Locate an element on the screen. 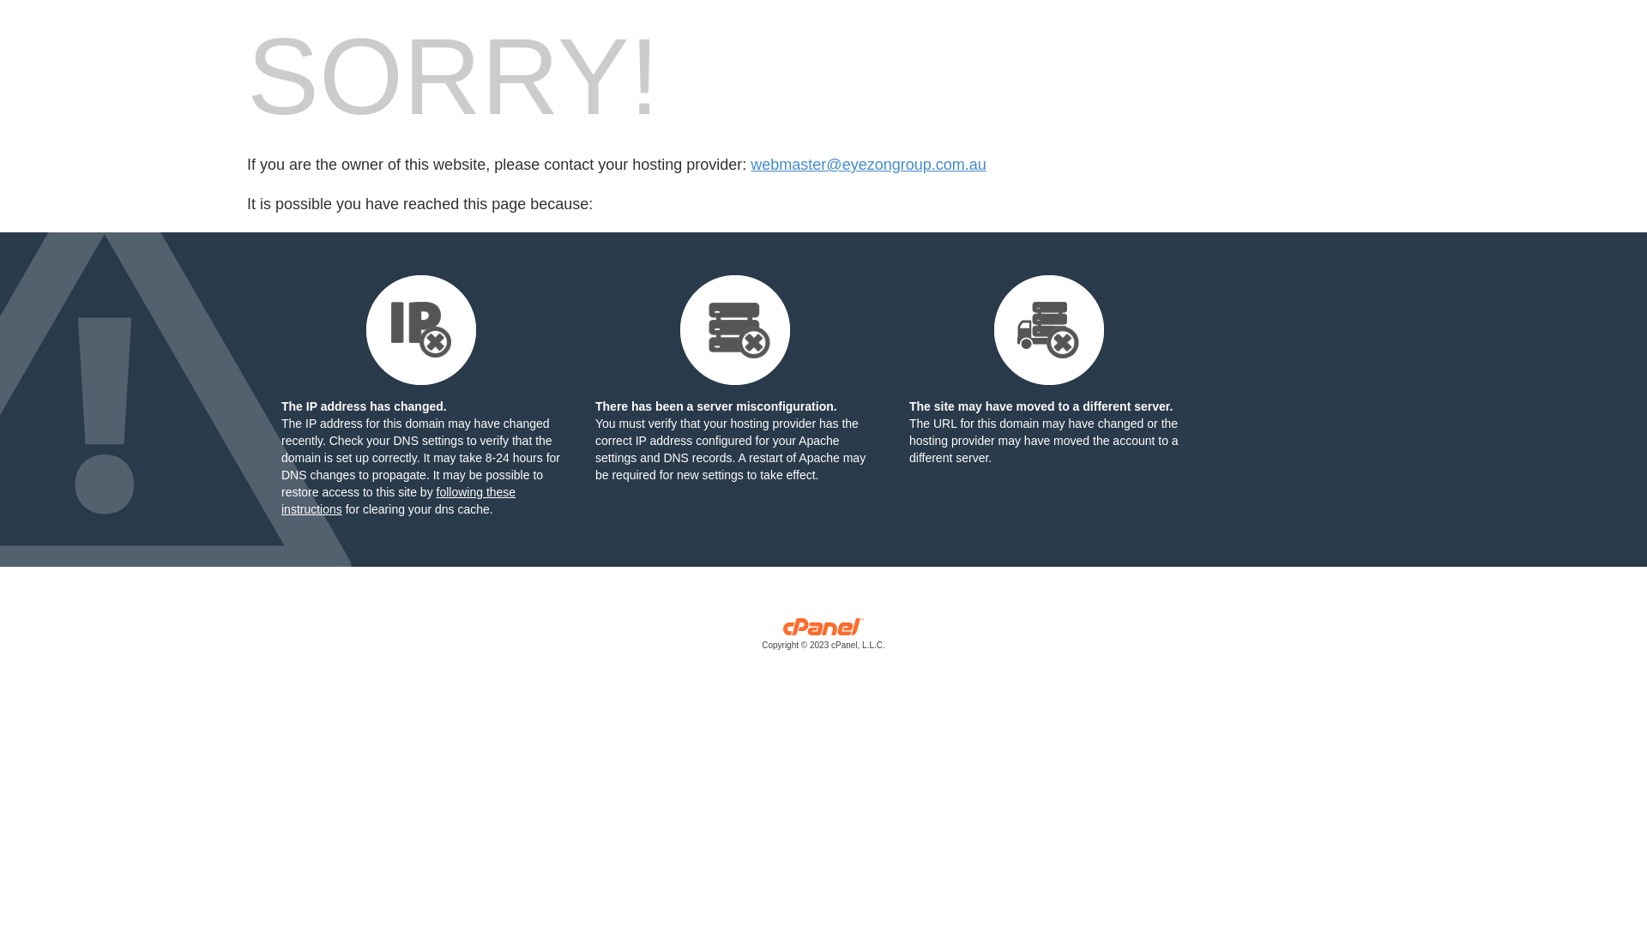 The image size is (1647, 926). 'webmaster@eyezongroup.com.au' is located at coordinates (868, 165).